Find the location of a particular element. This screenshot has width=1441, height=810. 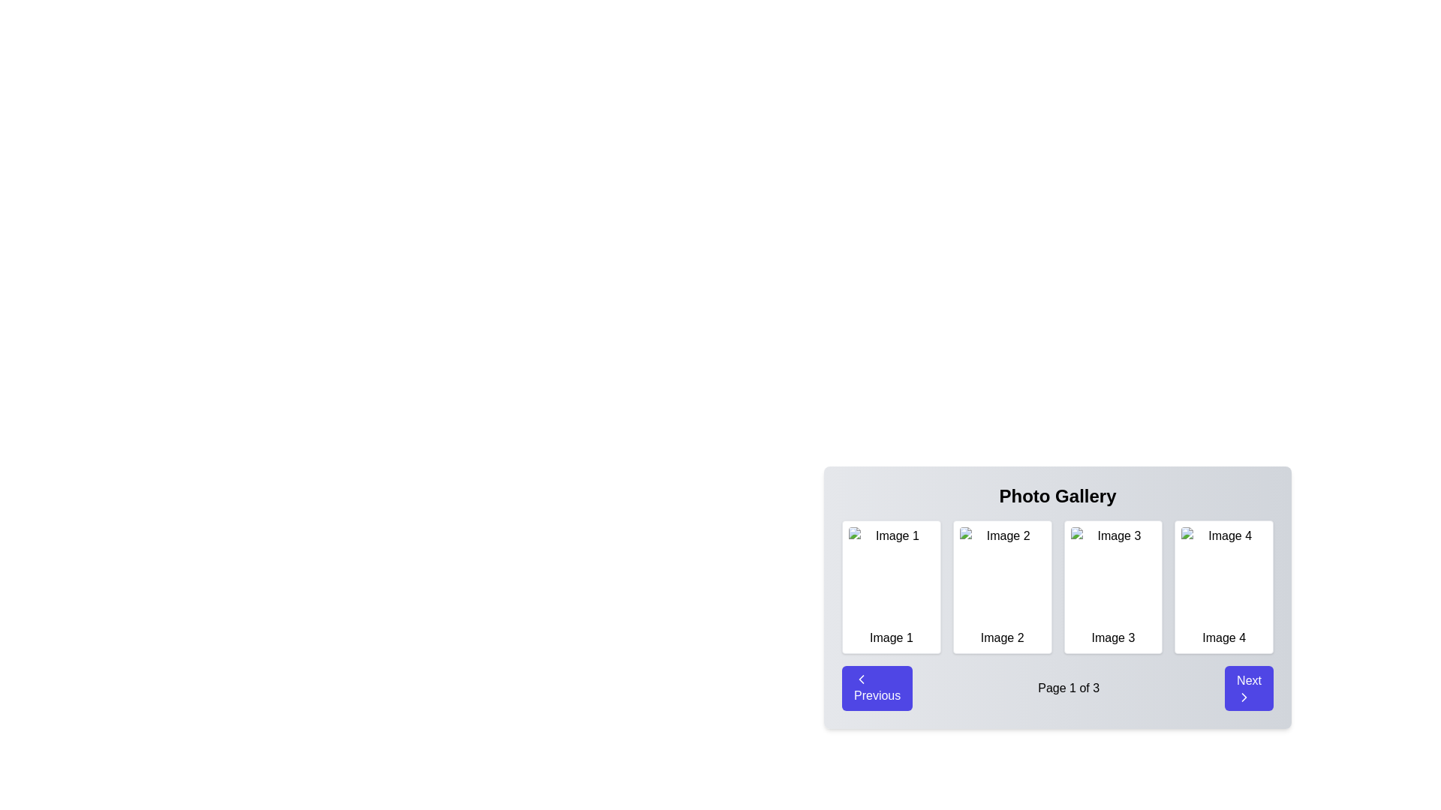

the arrow icon located inside the 'Next' button at the lower-right portion of the interface is located at coordinates (1244, 697).